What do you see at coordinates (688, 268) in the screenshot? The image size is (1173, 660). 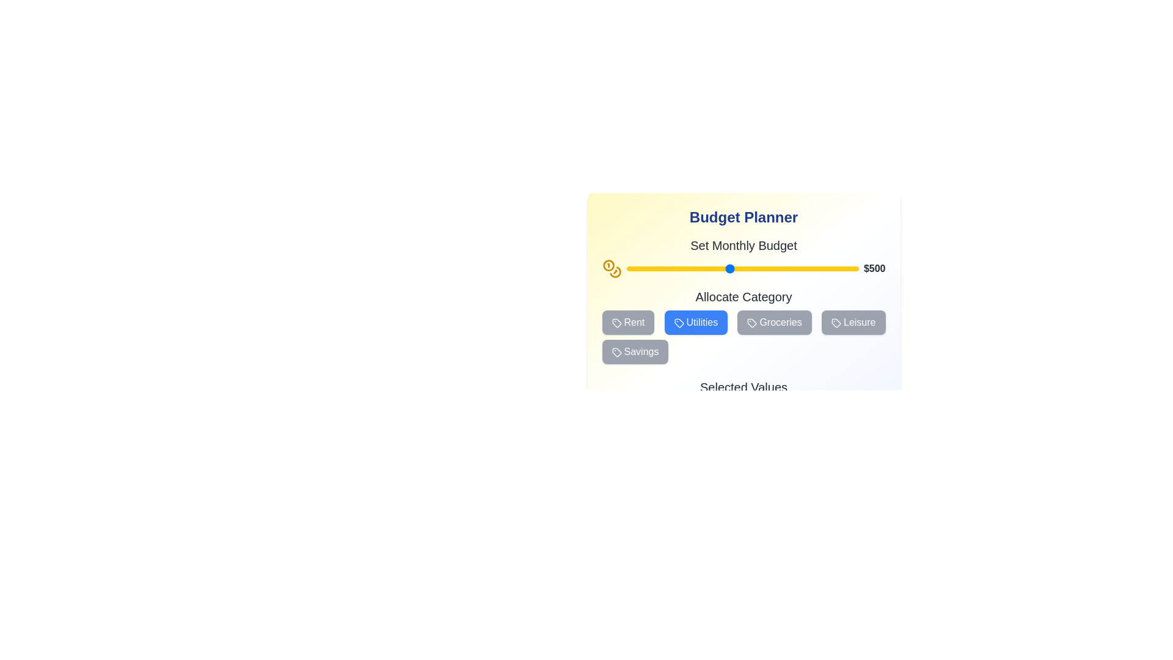 I see `the budget slider` at bounding box center [688, 268].